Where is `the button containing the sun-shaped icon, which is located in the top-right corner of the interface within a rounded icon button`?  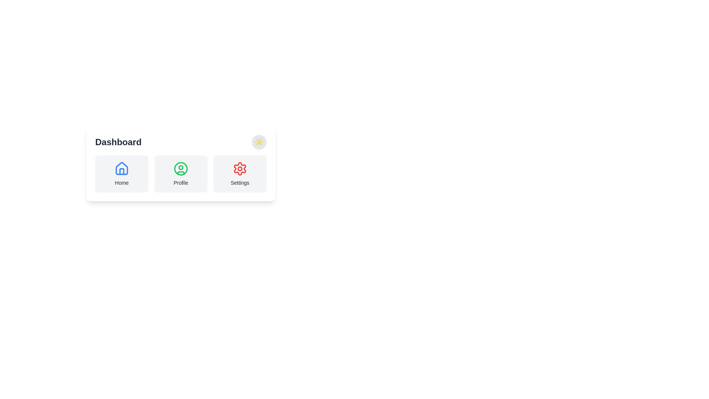 the button containing the sun-shaped icon, which is located in the top-right corner of the interface within a rounded icon button is located at coordinates (259, 142).